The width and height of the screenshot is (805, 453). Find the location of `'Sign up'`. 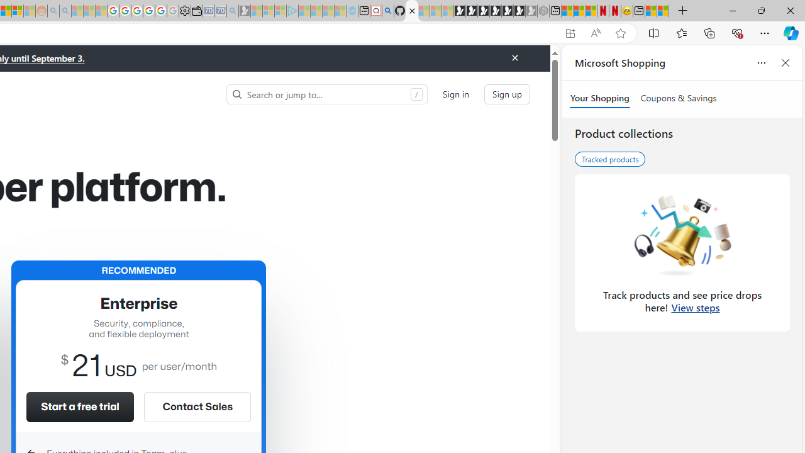

'Sign up' is located at coordinates (508, 93).